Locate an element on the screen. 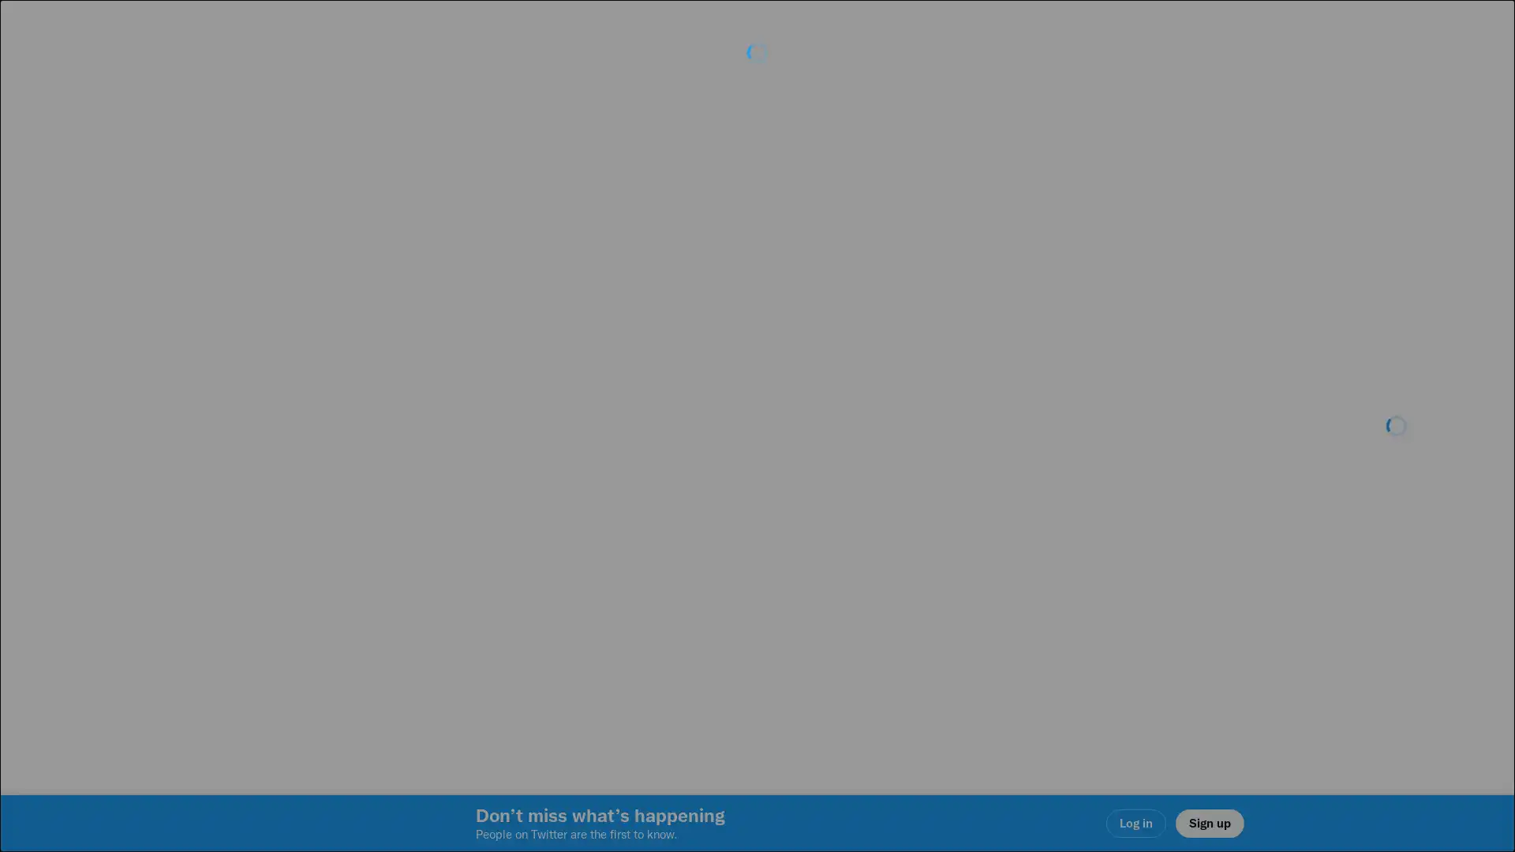 The height and width of the screenshot is (852, 1515). Log in is located at coordinates (947, 537).